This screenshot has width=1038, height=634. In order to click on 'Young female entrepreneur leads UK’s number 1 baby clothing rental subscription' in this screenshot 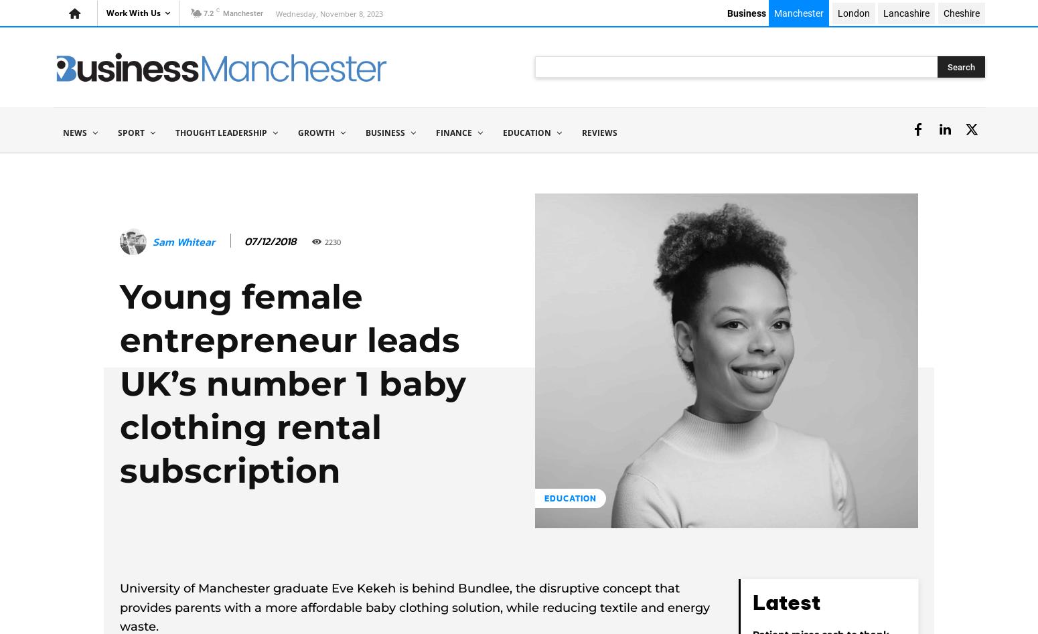, I will do `click(293, 384)`.